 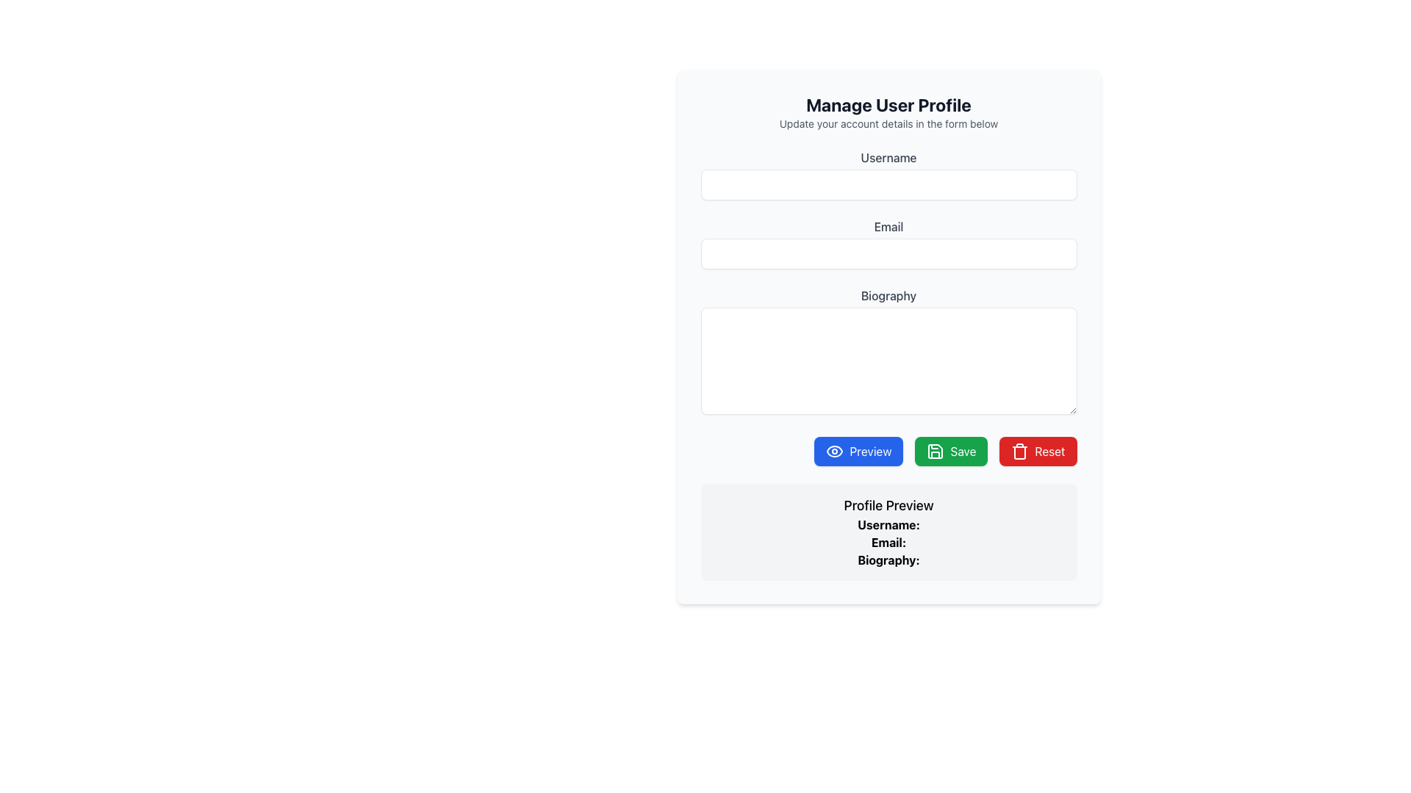 I want to click on the text label reading 'Email:' located in the 'Profile Preview' section, positioned next to 'Username:' and above 'Biography:', so click(x=888, y=543).